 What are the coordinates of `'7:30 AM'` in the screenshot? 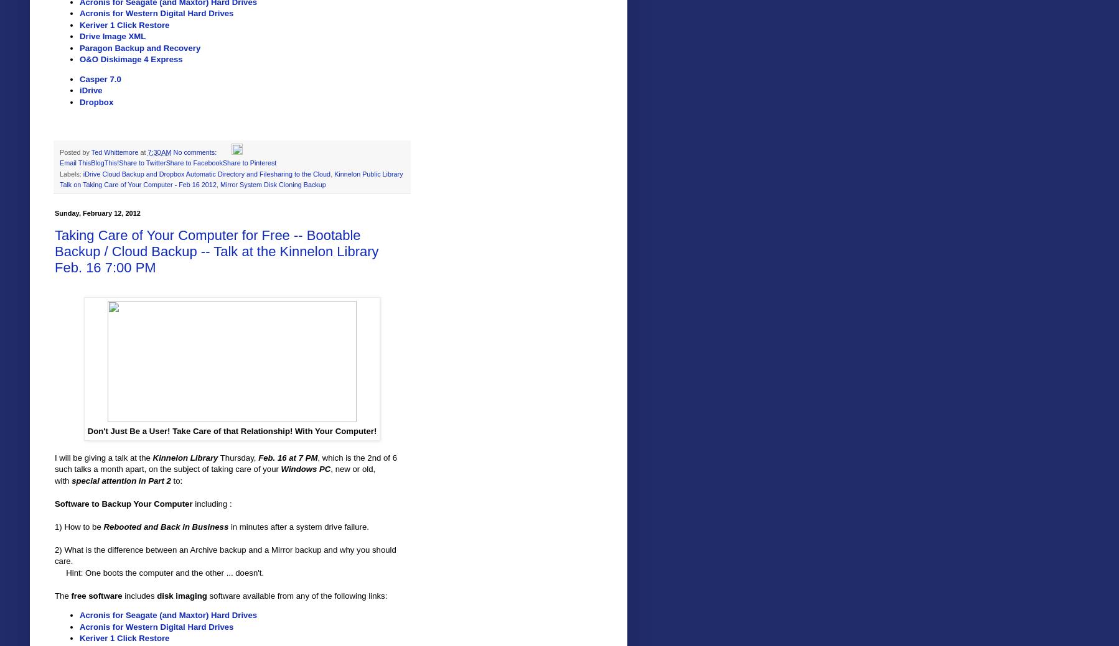 It's located at (159, 152).